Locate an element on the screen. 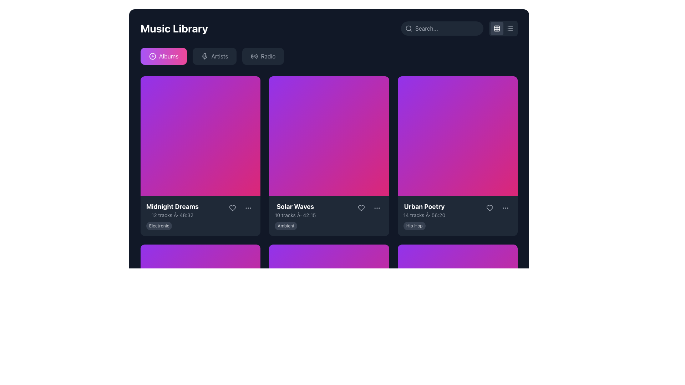 The image size is (685, 385). text label indicating the genre or category of the associated album located directly beneath the 'Midnight Dreams' album tile is located at coordinates (159, 226).